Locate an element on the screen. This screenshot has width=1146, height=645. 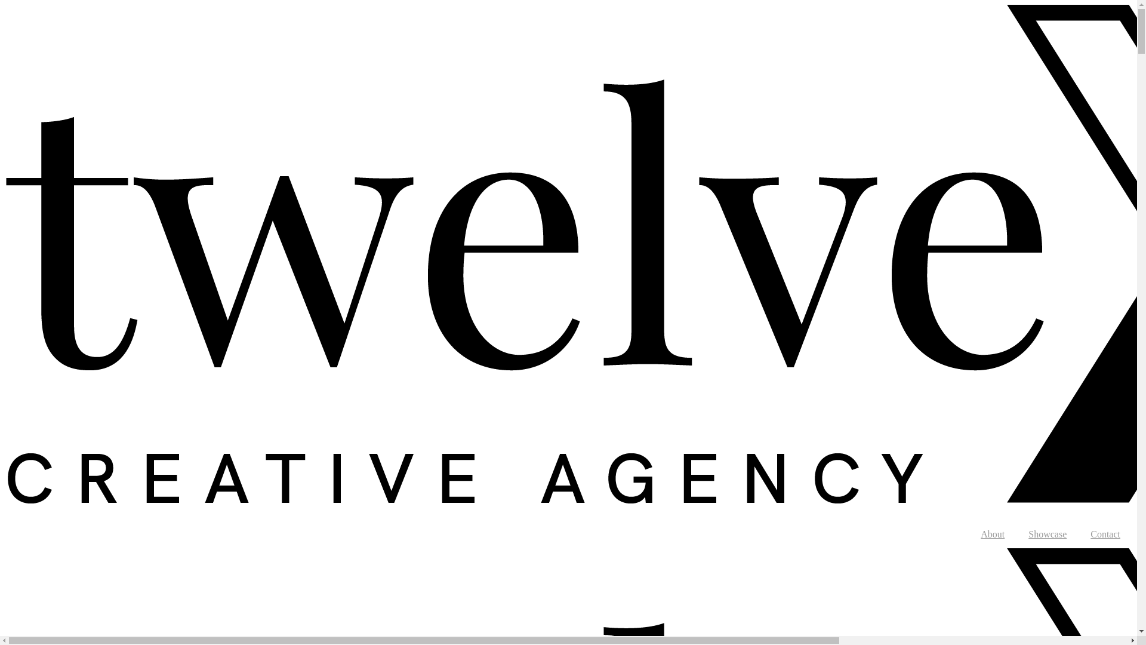
'About' is located at coordinates (992, 533).